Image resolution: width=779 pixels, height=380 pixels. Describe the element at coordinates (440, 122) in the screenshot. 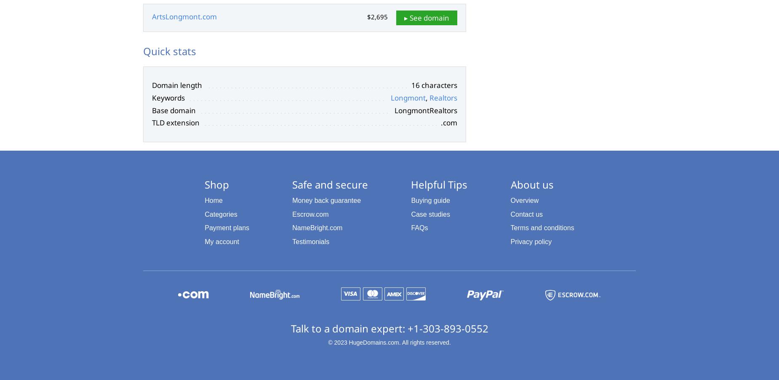

I see `'.com'` at that location.